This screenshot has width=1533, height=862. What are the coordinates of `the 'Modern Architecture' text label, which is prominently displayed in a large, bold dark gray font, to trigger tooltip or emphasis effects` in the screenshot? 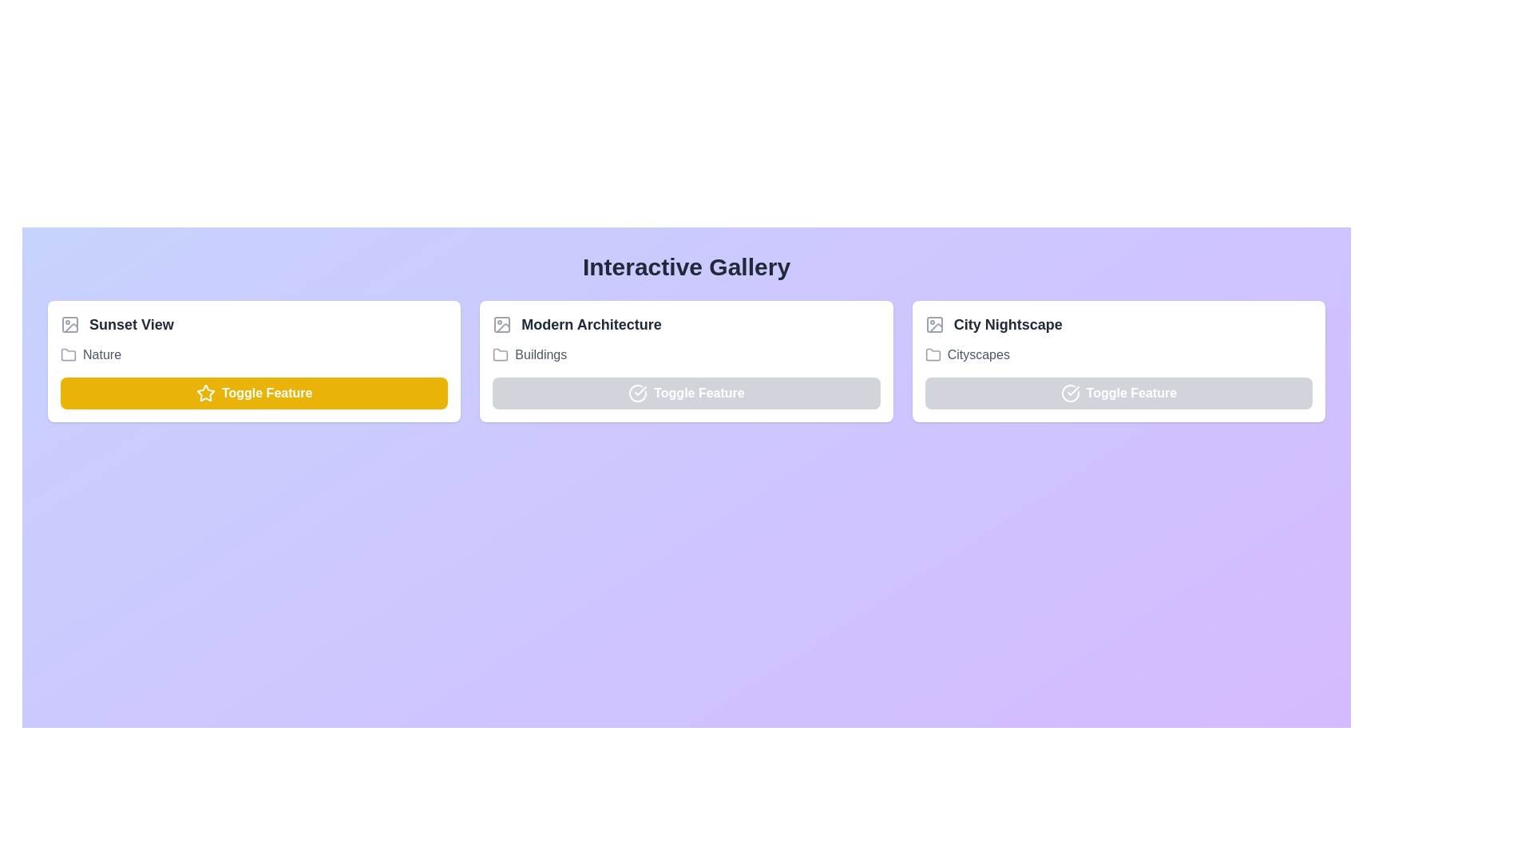 It's located at (590, 324).